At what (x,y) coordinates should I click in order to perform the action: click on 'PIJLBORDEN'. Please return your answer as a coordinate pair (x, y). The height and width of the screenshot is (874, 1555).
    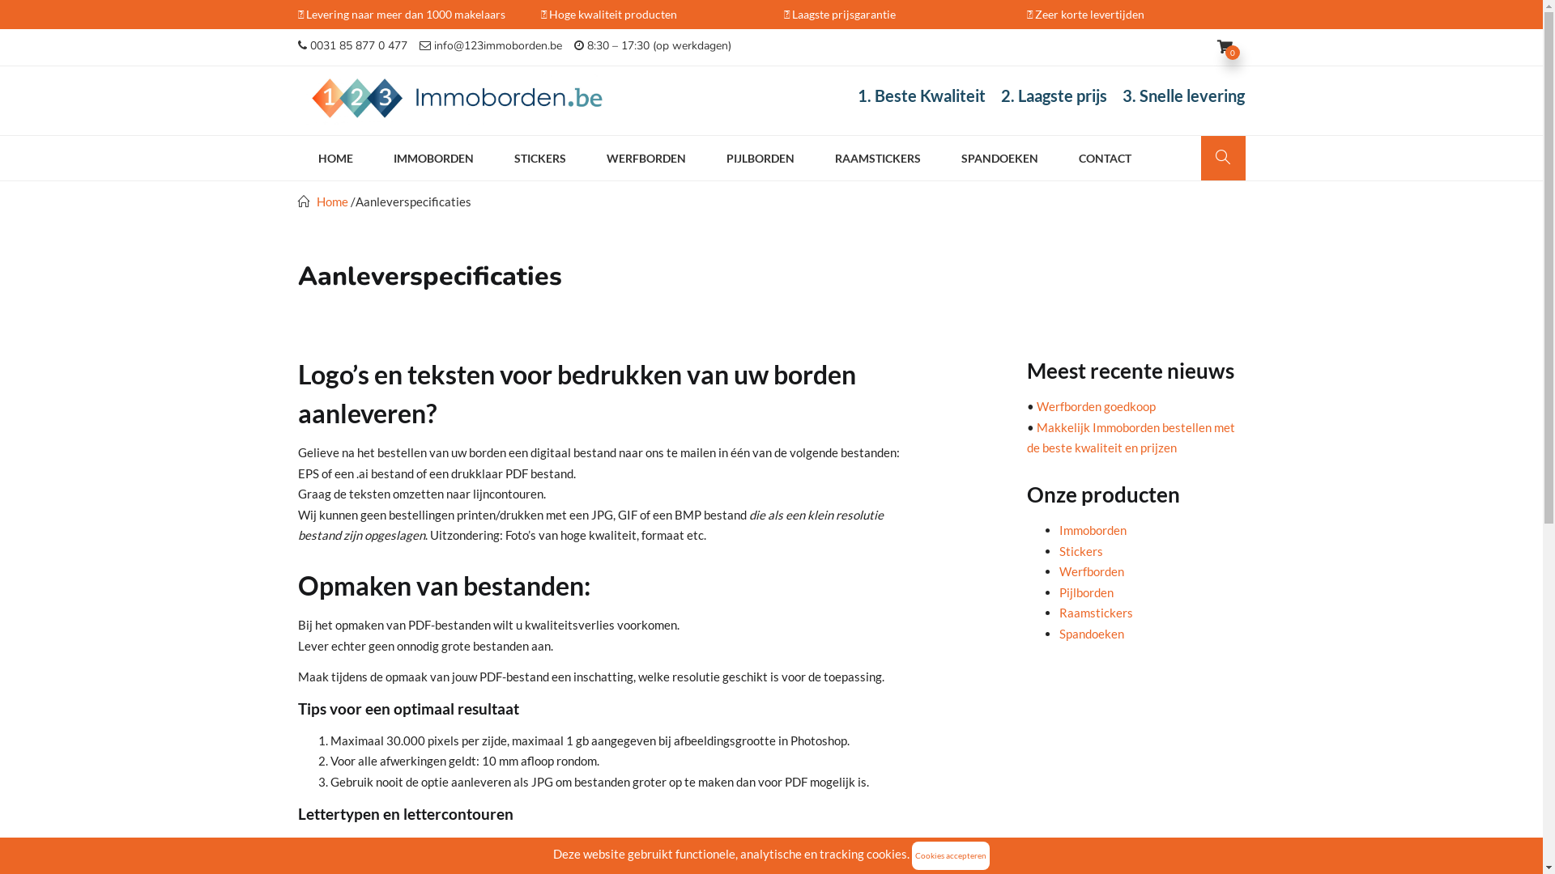
    Looking at the image, I should click on (760, 158).